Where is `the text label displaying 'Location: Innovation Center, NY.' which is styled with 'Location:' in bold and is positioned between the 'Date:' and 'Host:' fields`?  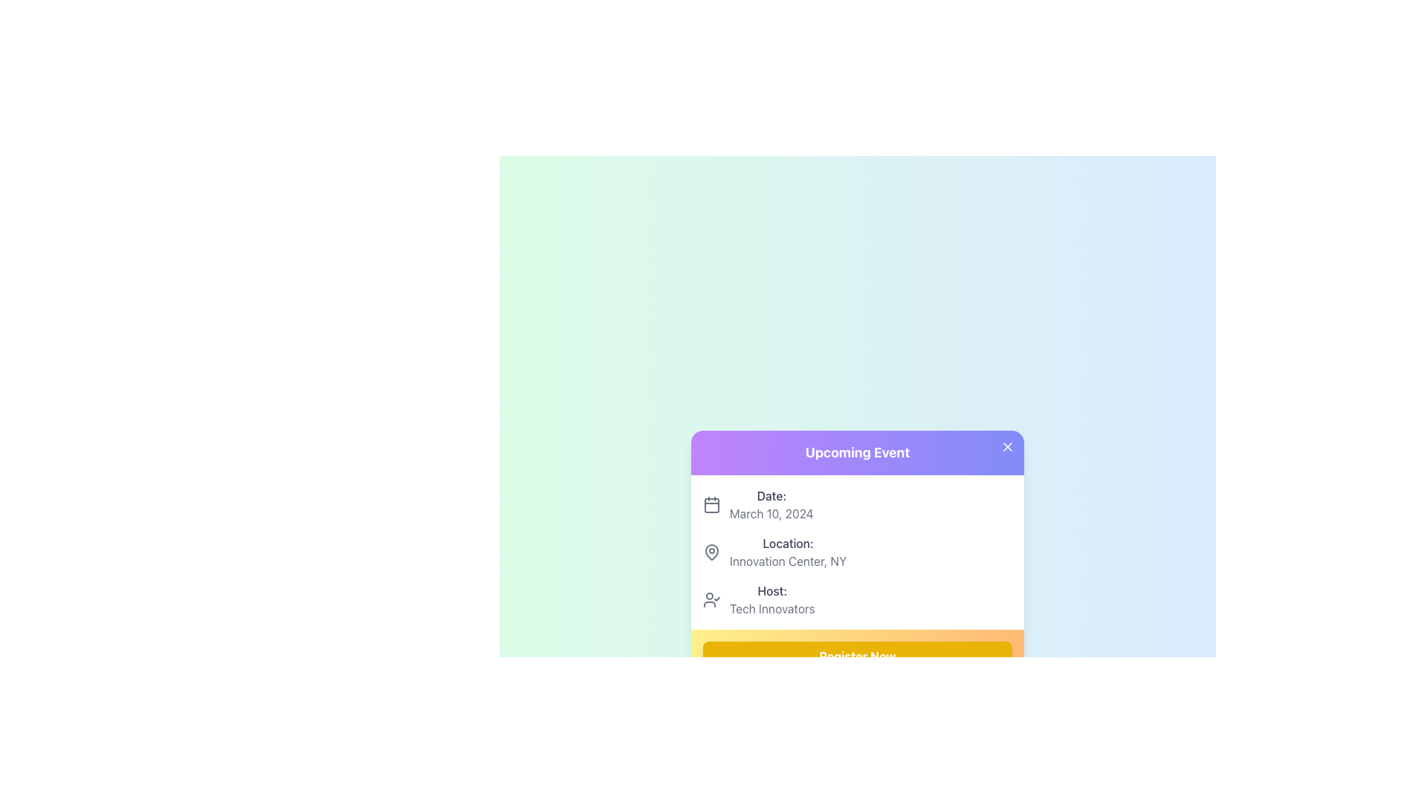
the text label displaying 'Location: Innovation Center, NY.' which is styled with 'Location:' in bold and is positioned between the 'Date:' and 'Host:' fields is located at coordinates (787, 552).